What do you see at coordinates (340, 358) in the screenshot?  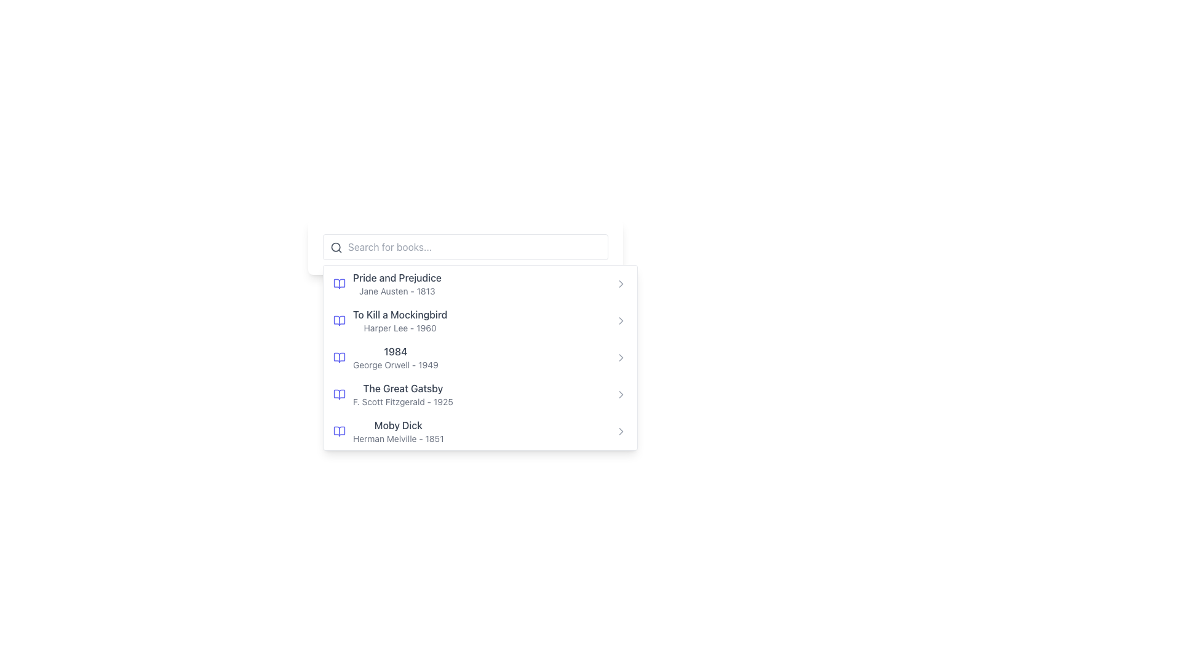 I see `the indigo open book icon located to the left of the text '1984 George Orwell - 1949'` at bounding box center [340, 358].